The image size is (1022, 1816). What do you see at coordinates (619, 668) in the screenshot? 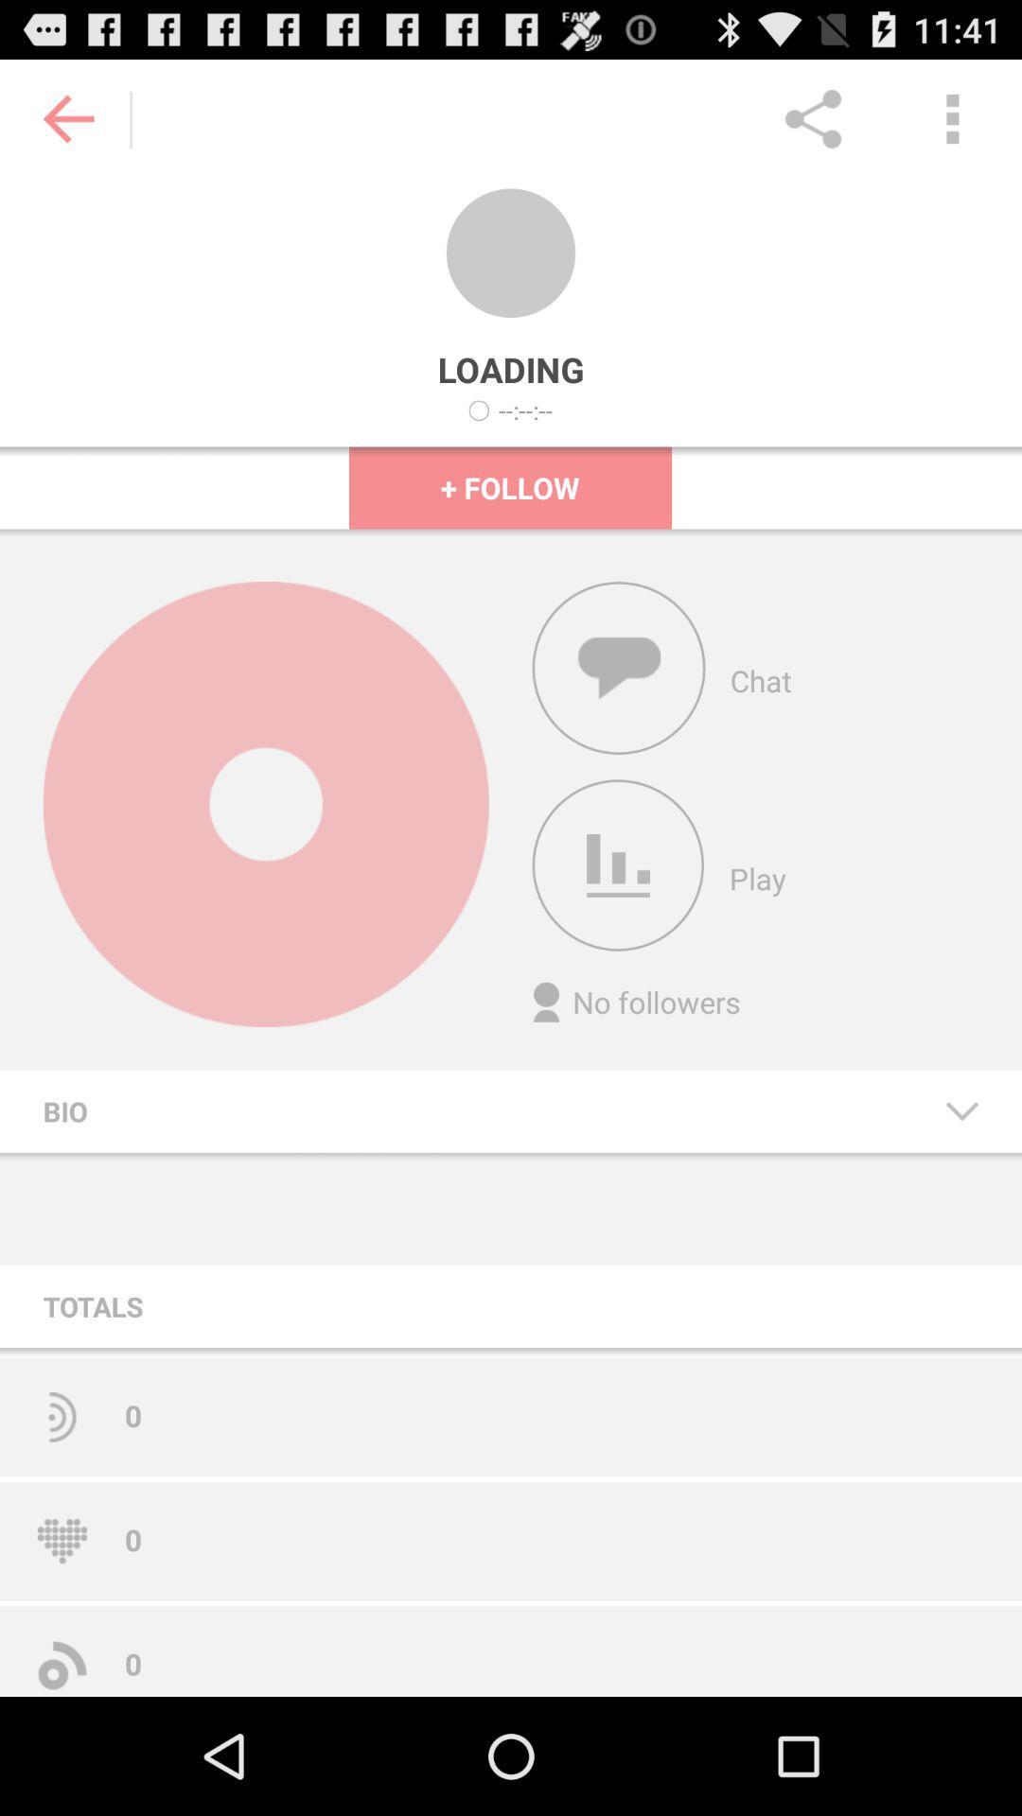
I see `the toggle is used to open the chat` at bounding box center [619, 668].